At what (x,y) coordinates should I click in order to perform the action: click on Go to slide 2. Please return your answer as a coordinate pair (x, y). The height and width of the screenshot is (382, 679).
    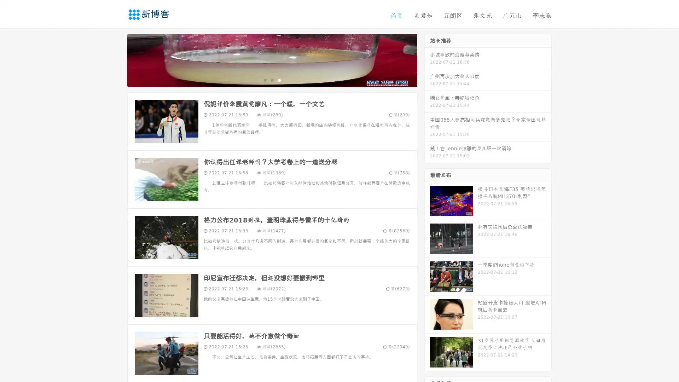
    Looking at the image, I should click on (272, 80).